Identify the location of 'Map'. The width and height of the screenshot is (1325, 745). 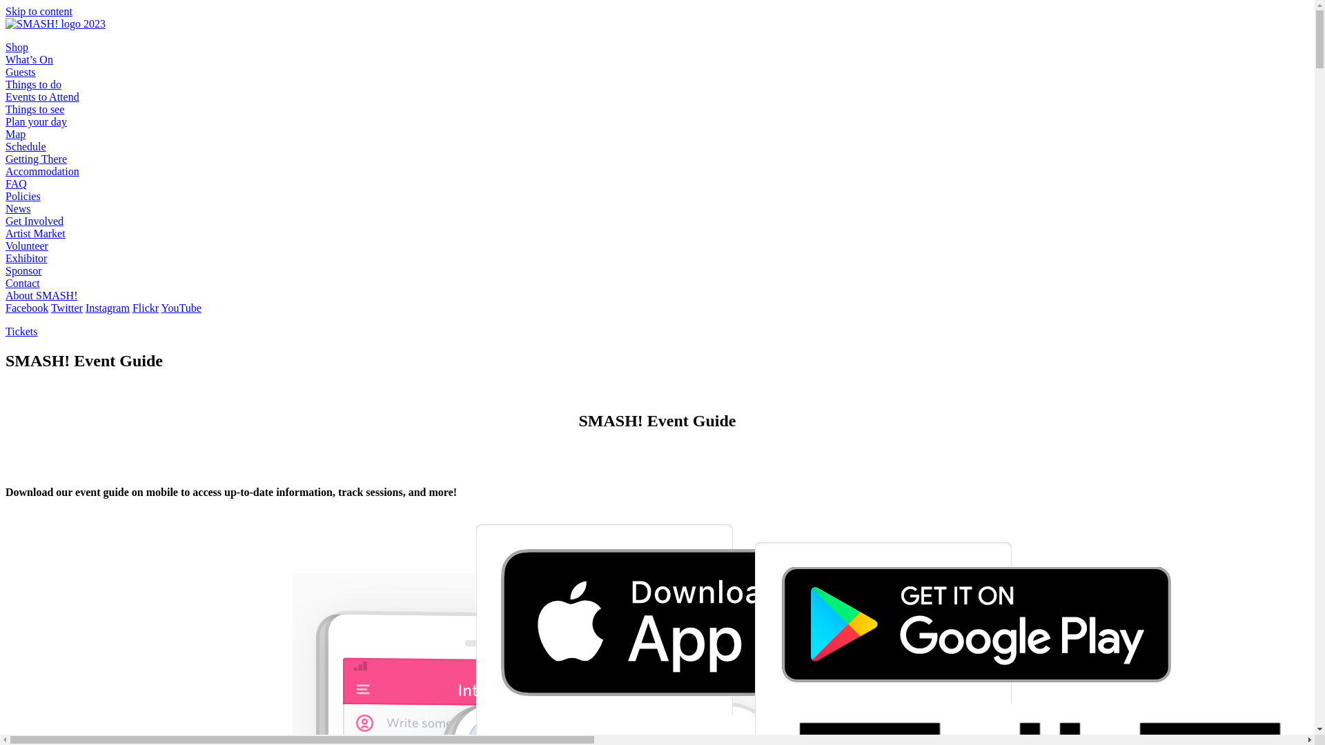
(6, 134).